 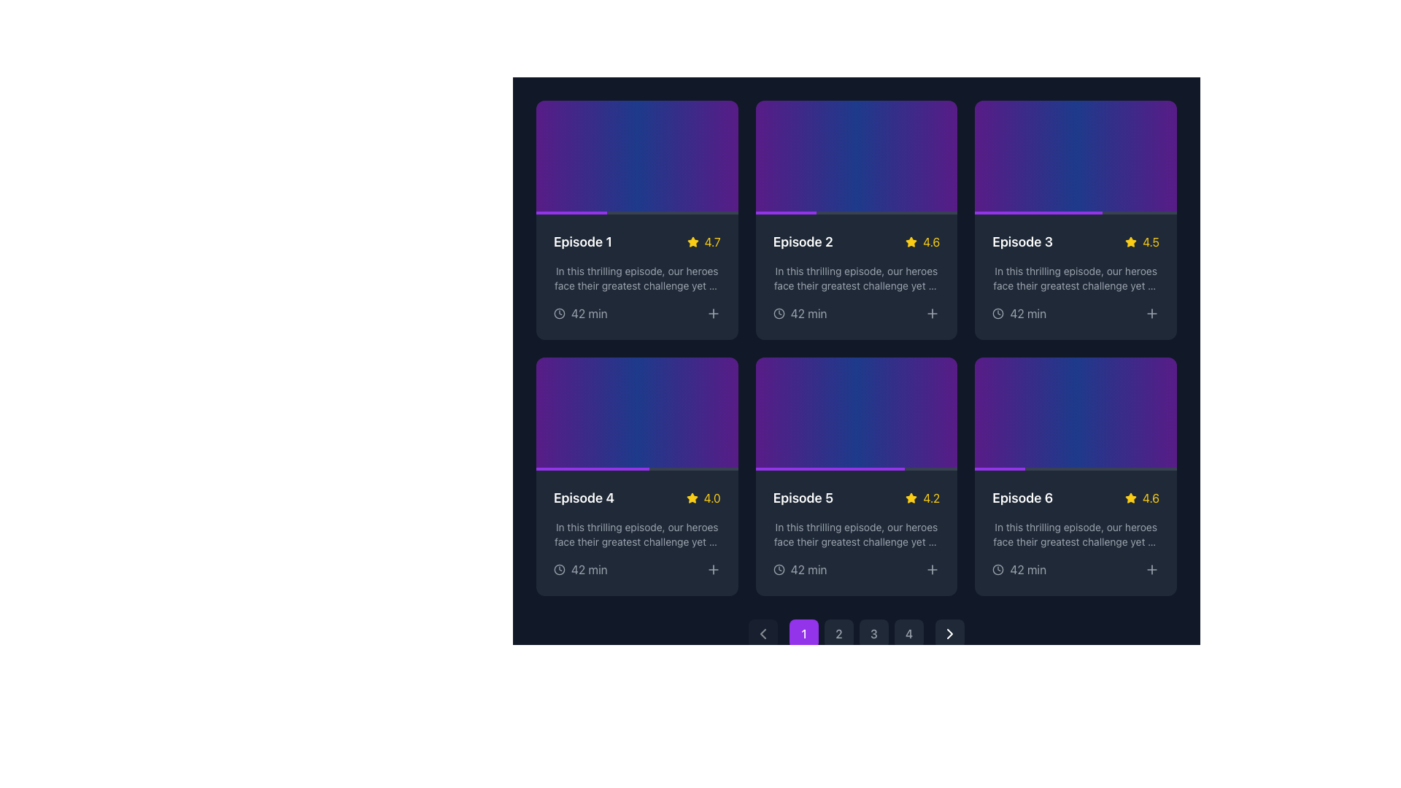 I want to click on the label displaying '42 min', which is styled in gray and located next to a clock icon at the bottom-left corner of the 'Episode 5' card, so click(x=808, y=569).